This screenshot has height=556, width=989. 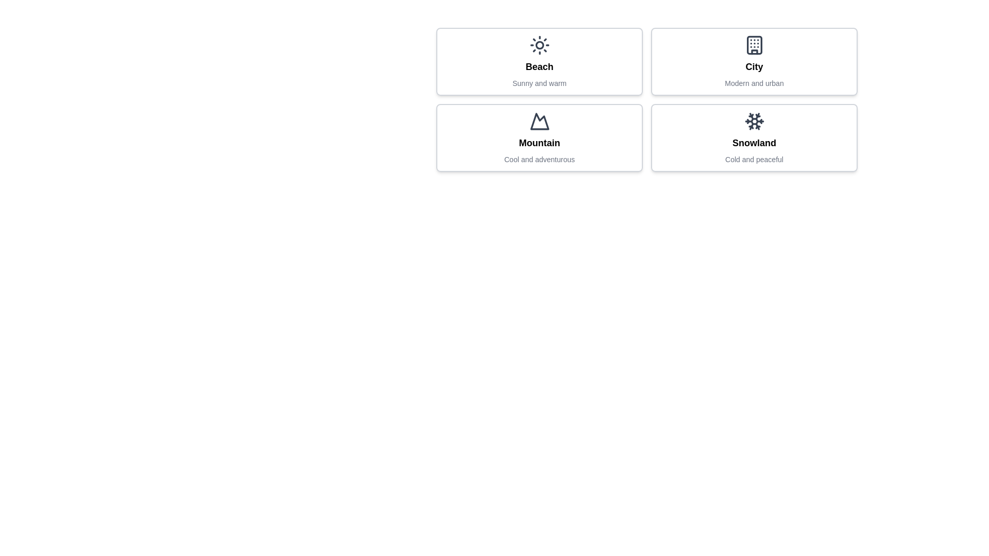 What do you see at coordinates (754, 67) in the screenshot?
I see `text label displaying 'City' in bold font, located centrally below the building icon in the second column of the top row` at bounding box center [754, 67].